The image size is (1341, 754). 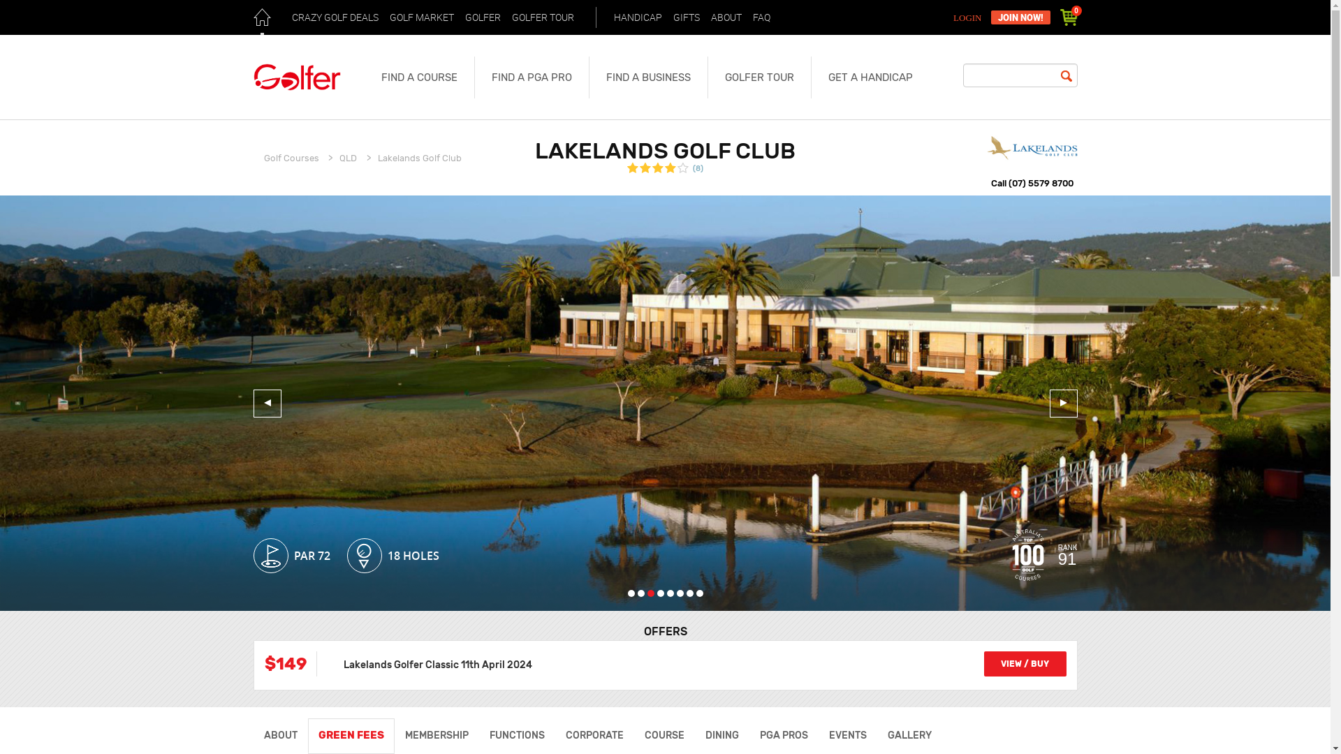 I want to click on 'COURSE', so click(x=633, y=734).